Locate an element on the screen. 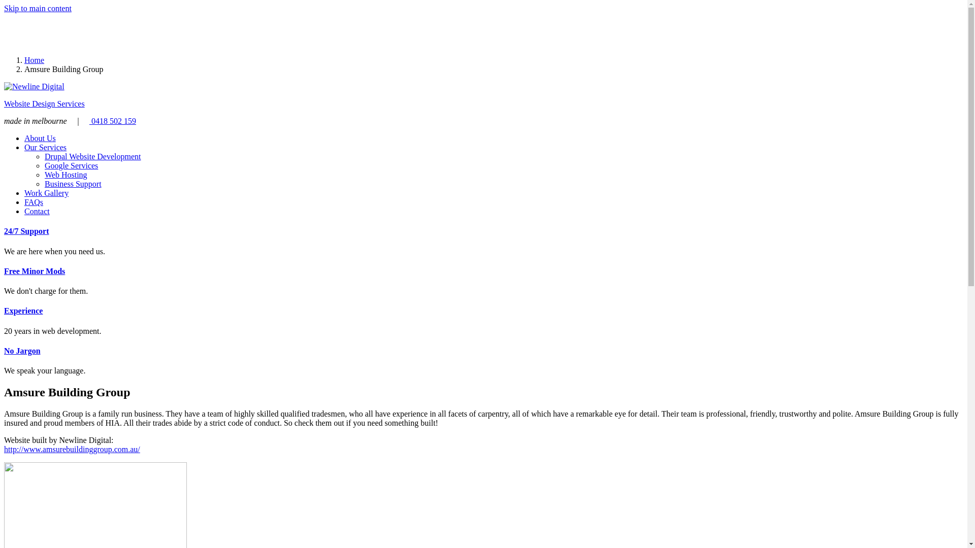 The height and width of the screenshot is (548, 975). ' 0418 502 159' is located at coordinates (112, 120).